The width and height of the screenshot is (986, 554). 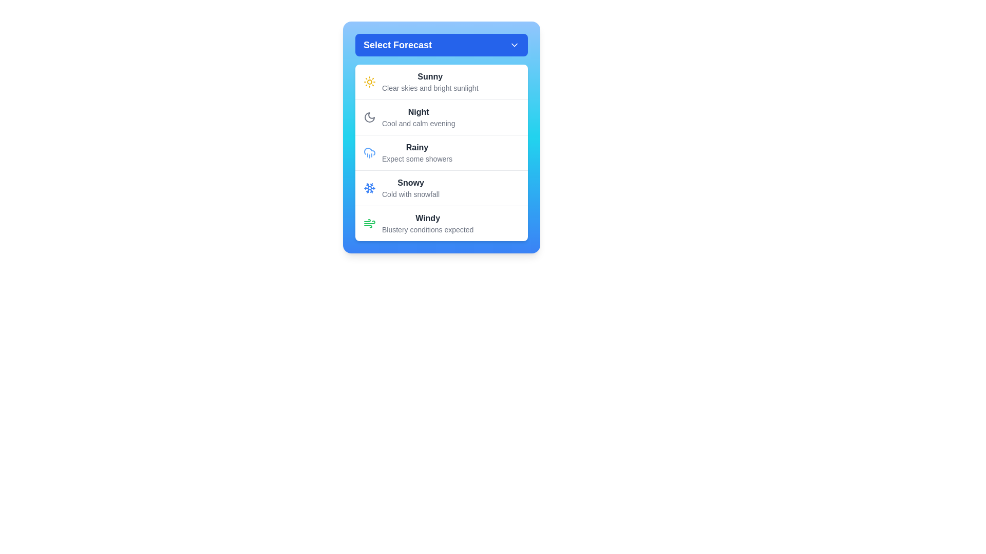 What do you see at coordinates (430, 76) in the screenshot?
I see `text label displaying 'Sunny', which is the first item in the weather options list under the heading 'Select Forecast'` at bounding box center [430, 76].